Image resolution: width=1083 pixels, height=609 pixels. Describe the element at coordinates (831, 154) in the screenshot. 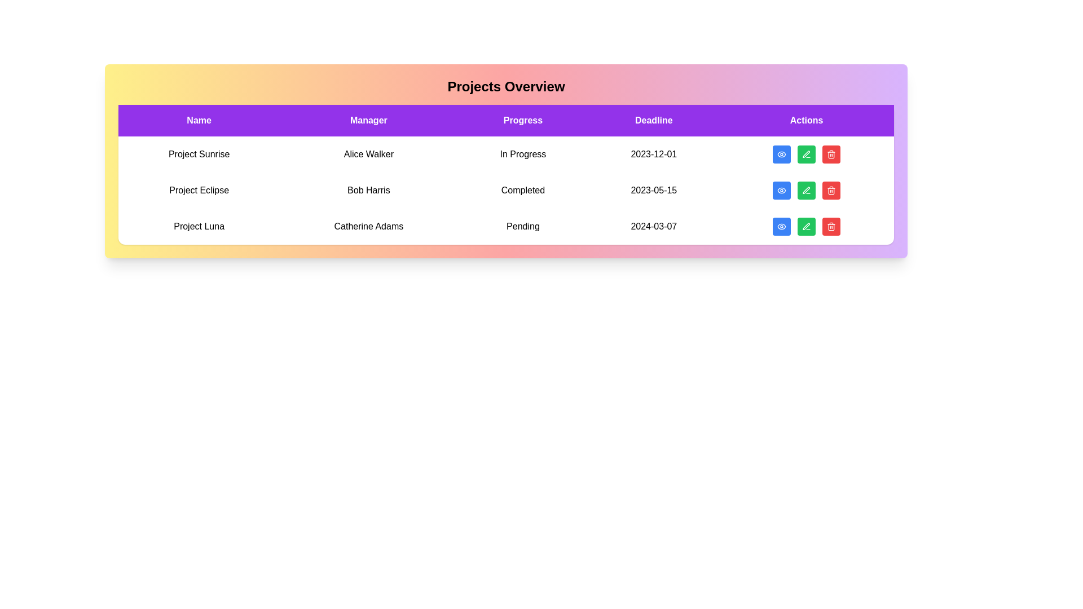

I see `delete button for the project named Project Sunrise` at that location.